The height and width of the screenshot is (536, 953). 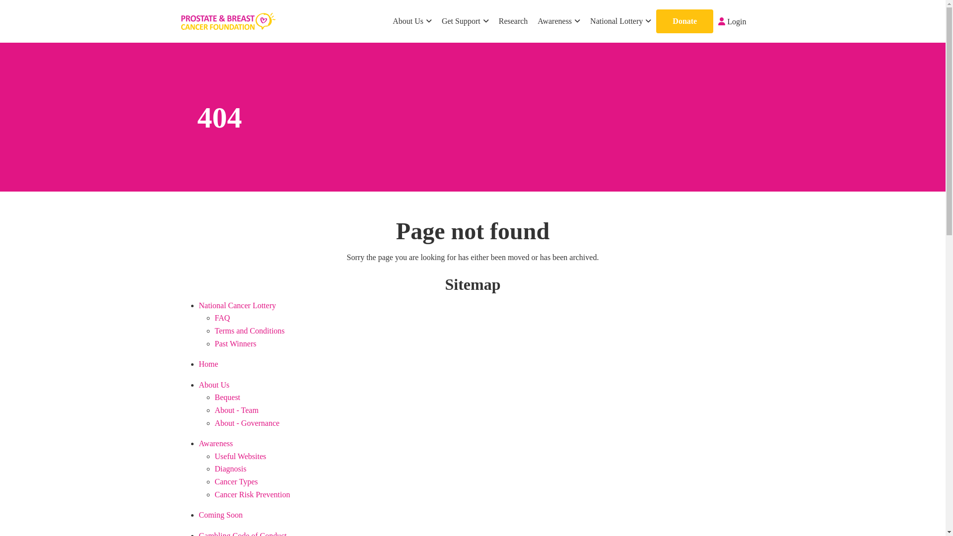 What do you see at coordinates (214, 423) in the screenshot?
I see `'About - Governance'` at bounding box center [214, 423].